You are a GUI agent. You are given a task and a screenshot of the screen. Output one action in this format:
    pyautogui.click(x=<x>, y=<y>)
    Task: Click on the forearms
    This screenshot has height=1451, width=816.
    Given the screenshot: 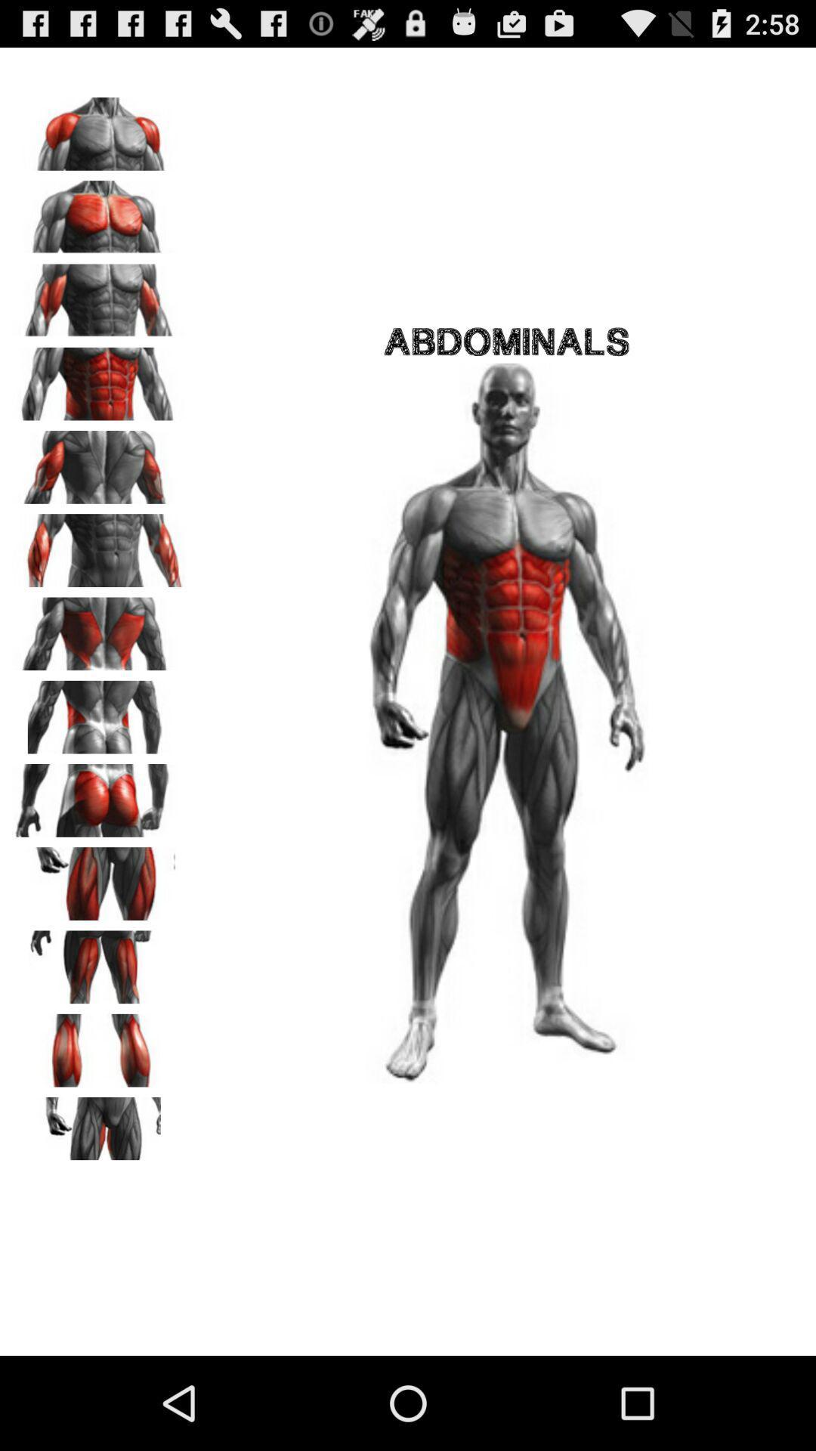 What is the action you would take?
    pyautogui.click(x=99, y=544)
    